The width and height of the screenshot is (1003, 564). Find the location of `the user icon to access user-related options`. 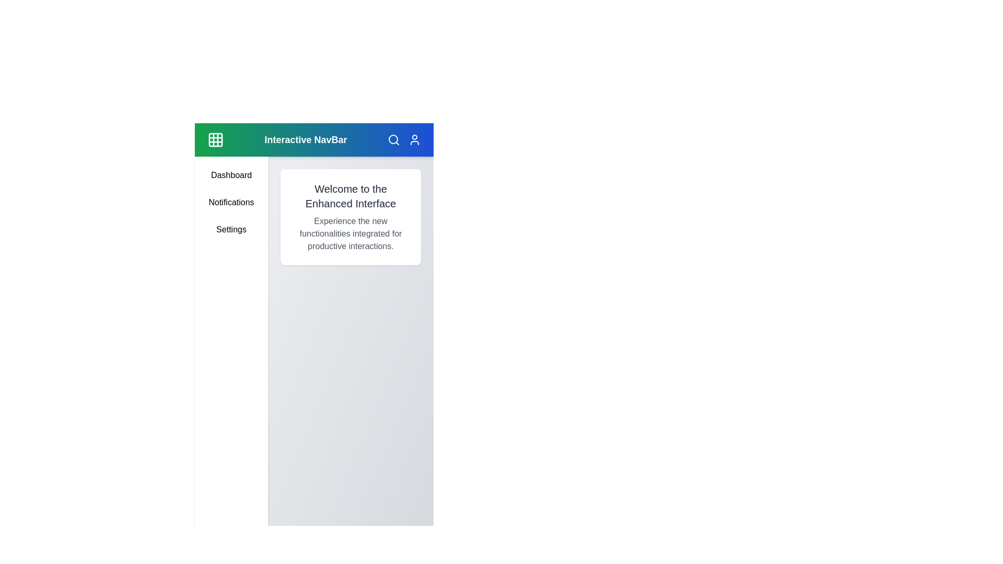

the user icon to access user-related options is located at coordinates (414, 139).